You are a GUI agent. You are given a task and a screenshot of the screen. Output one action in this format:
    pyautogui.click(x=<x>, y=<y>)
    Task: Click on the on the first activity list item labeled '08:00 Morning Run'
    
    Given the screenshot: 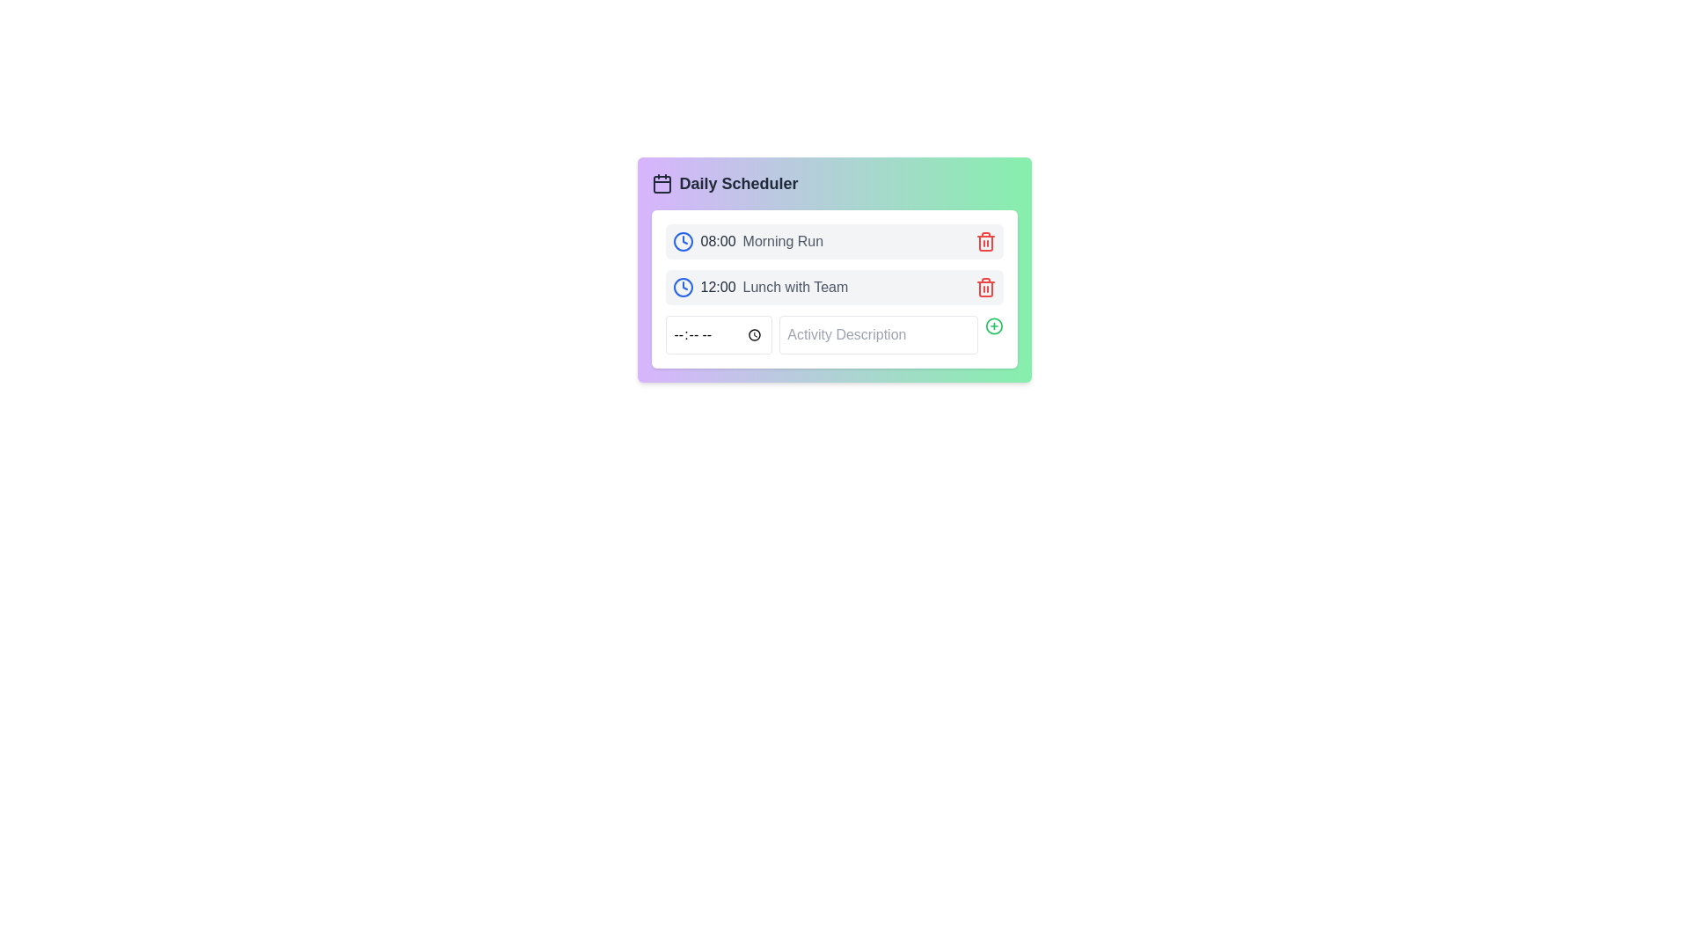 What is the action you would take?
    pyautogui.click(x=833, y=241)
    